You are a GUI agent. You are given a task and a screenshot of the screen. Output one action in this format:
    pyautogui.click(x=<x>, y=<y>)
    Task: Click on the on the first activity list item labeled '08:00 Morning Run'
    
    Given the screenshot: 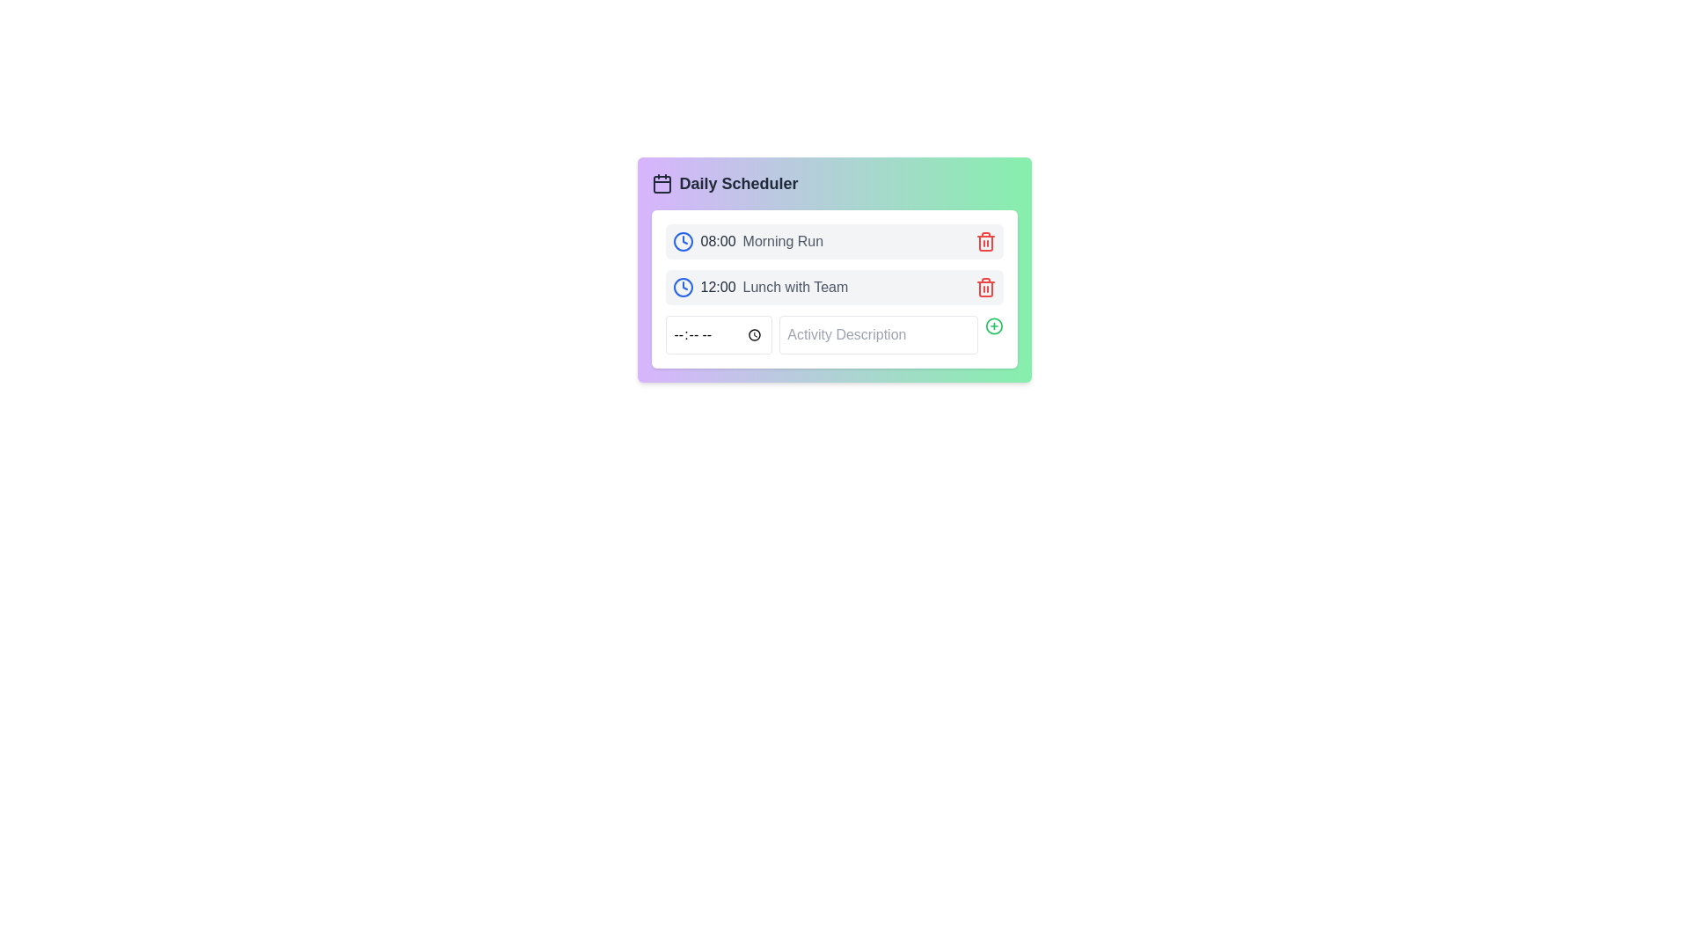 What is the action you would take?
    pyautogui.click(x=833, y=241)
    